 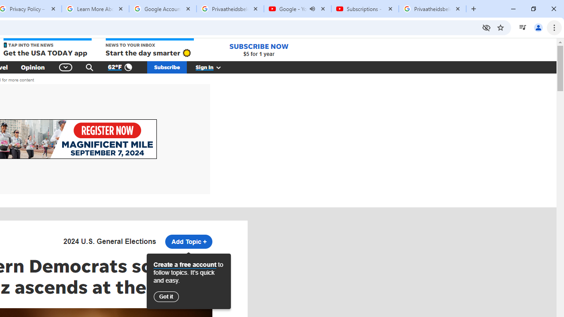 What do you see at coordinates (513, 9) in the screenshot?
I see `'Minimize'` at bounding box center [513, 9].